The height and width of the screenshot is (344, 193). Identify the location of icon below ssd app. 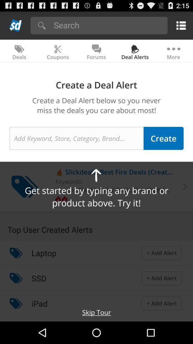
(39, 303).